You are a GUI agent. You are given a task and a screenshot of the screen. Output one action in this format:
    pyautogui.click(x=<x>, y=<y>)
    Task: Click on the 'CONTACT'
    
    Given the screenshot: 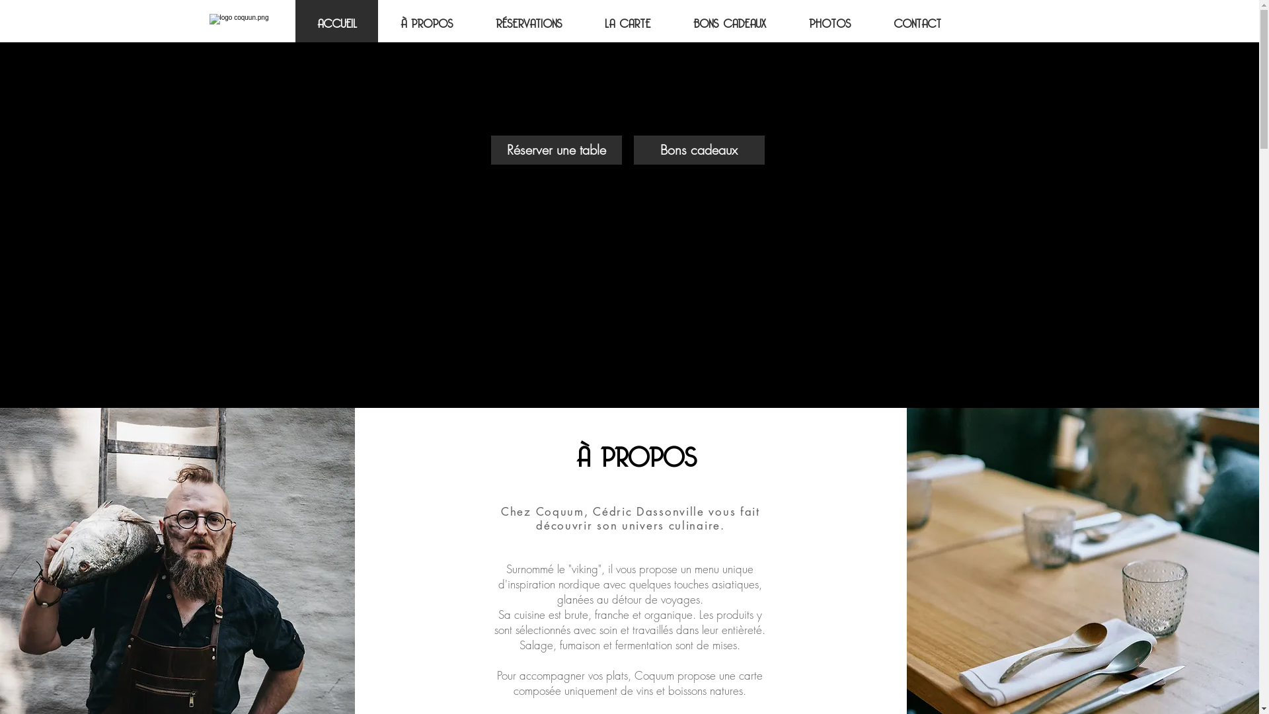 What is the action you would take?
    pyautogui.click(x=872, y=20)
    